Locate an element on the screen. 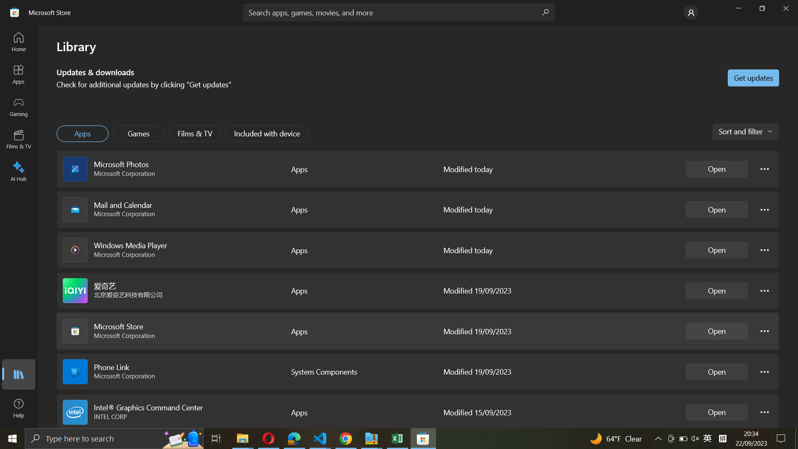 The width and height of the screenshot is (798, 449). the Phone linking options is located at coordinates (765, 371).